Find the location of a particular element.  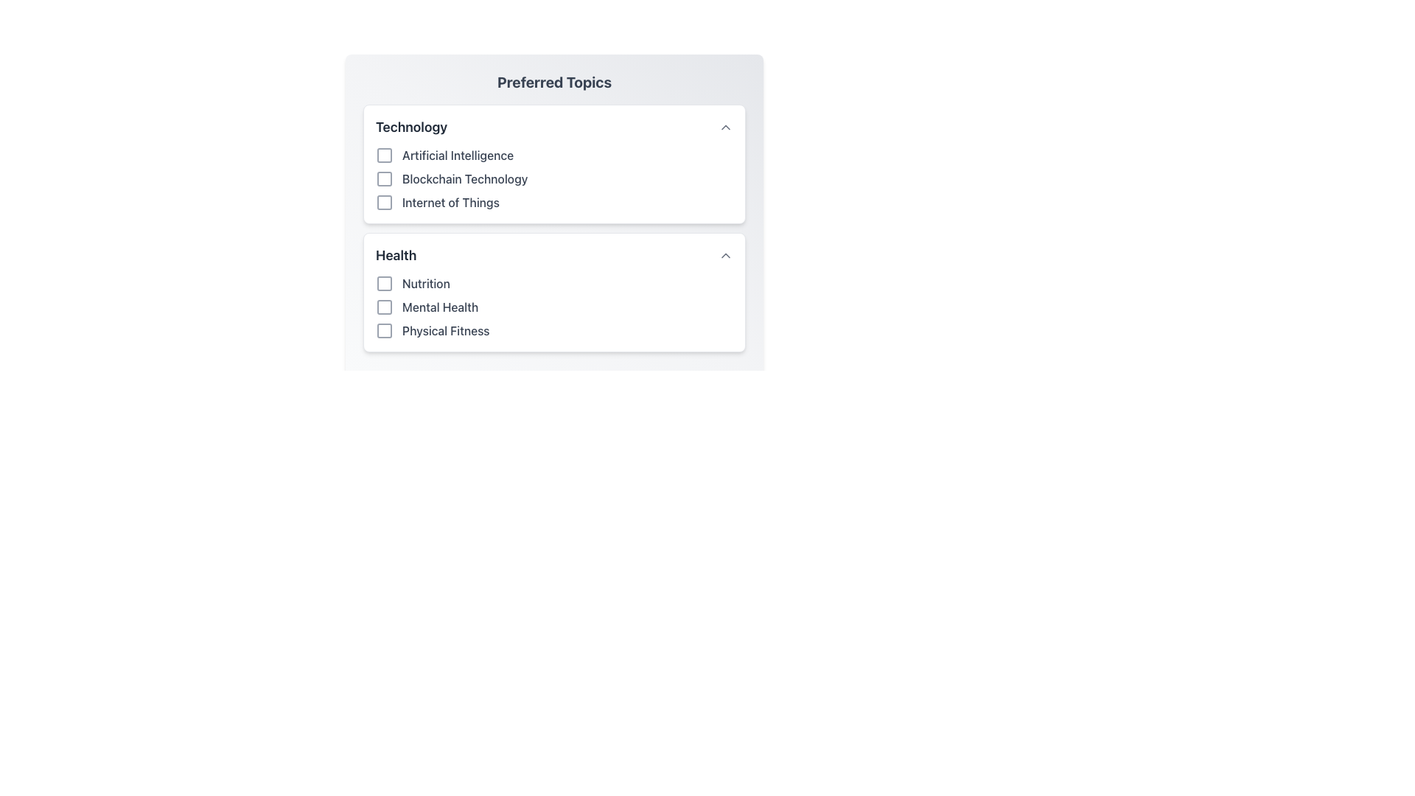

the collapsible toggle button for the 'Health' section is located at coordinates (725, 255).